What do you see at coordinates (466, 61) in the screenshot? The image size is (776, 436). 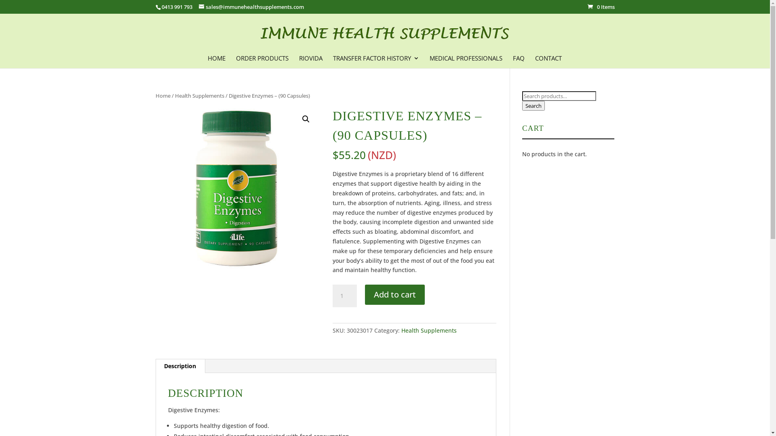 I see `'MEDICAL PROFESSIONALS'` at bounding box center [466, 61].